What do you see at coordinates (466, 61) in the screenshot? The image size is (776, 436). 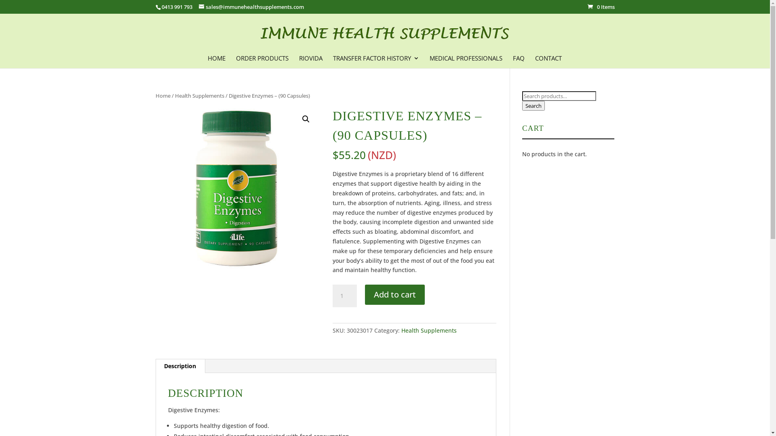 I see `'MEDICAL PROFESSIONALS'` at bounding box center [466, 61].